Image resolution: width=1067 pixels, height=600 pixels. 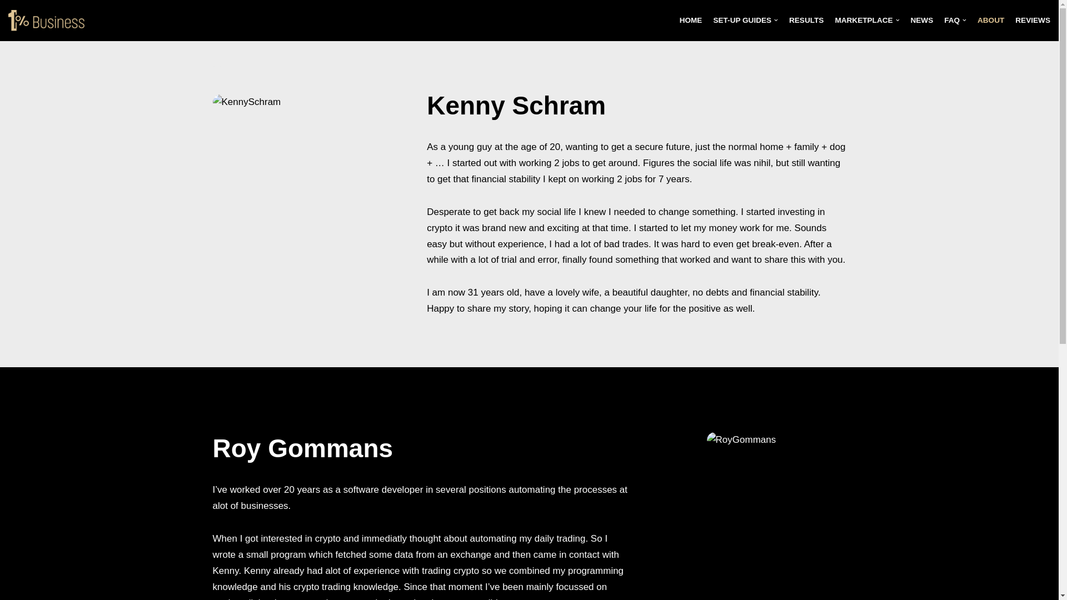 I want to click on 'RESULTS', so click(x=789, y=20).